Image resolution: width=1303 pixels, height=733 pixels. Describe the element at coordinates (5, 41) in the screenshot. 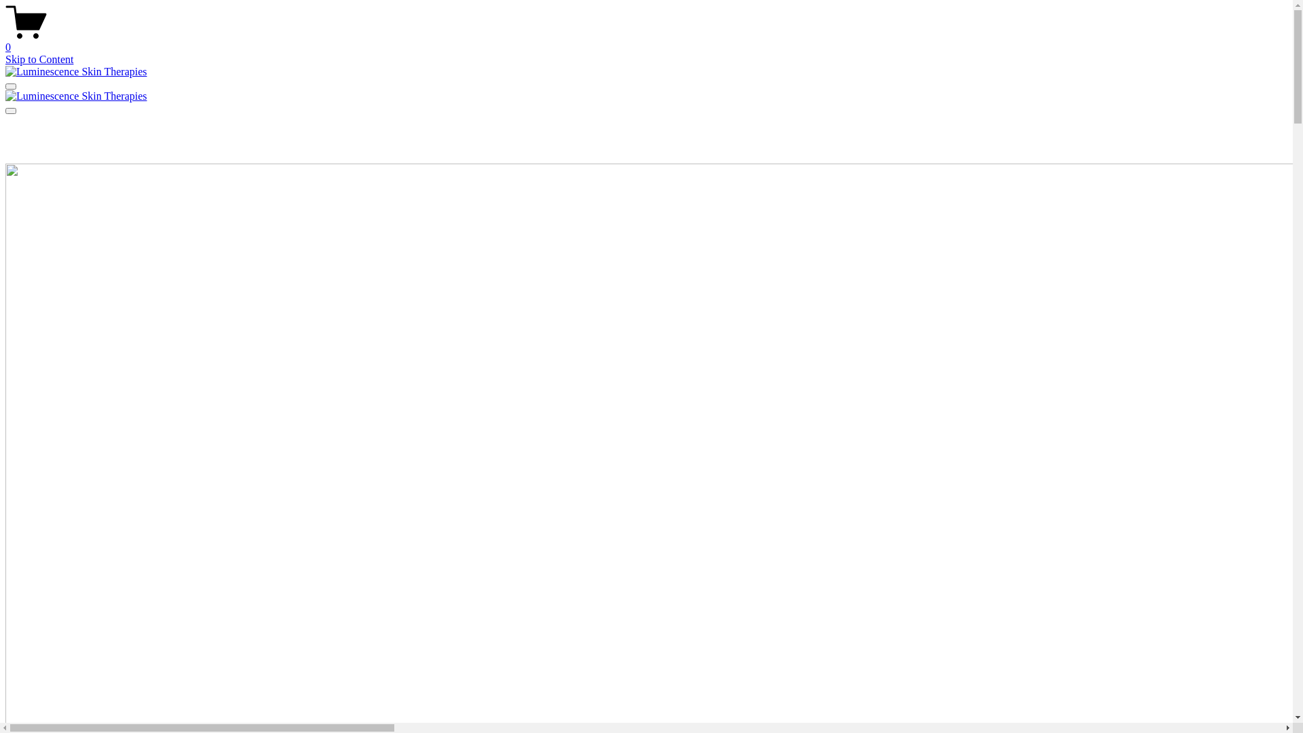

I see `'0'` at that location.